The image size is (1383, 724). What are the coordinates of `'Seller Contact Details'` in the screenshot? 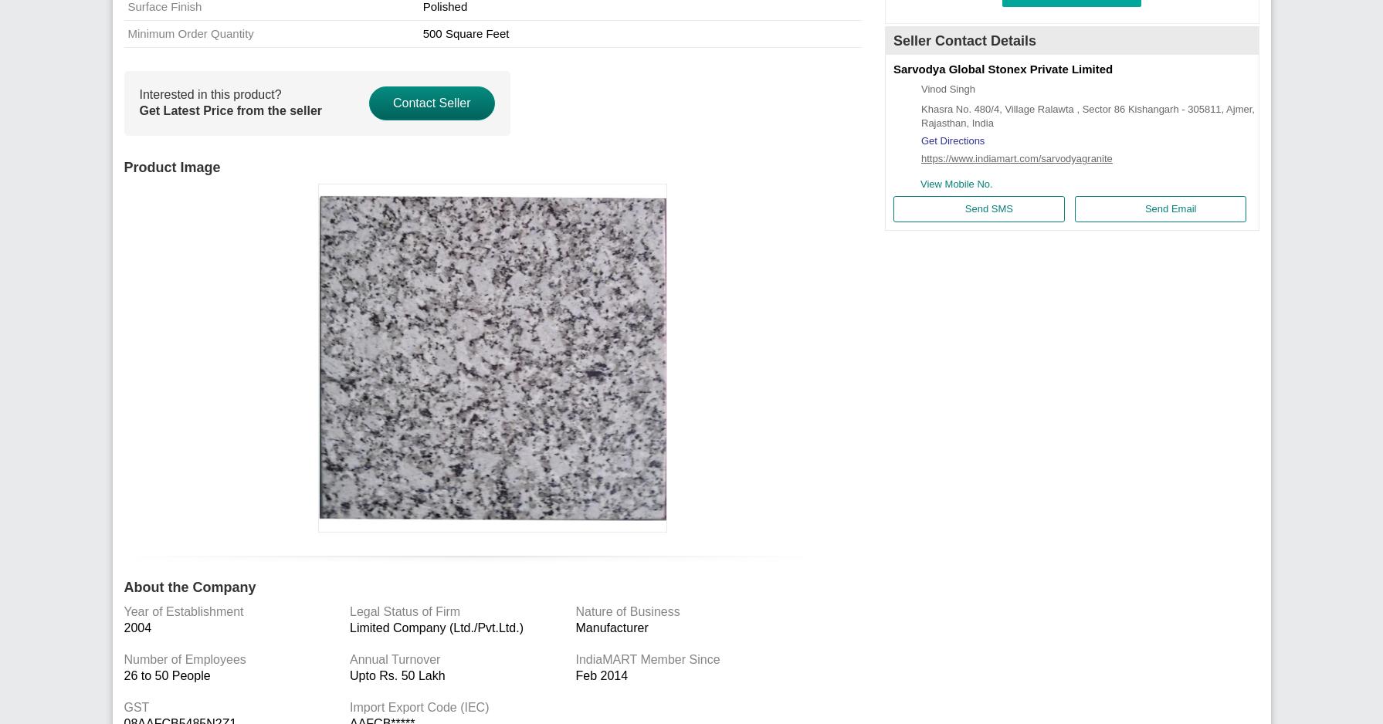 It's located at (964, 39).